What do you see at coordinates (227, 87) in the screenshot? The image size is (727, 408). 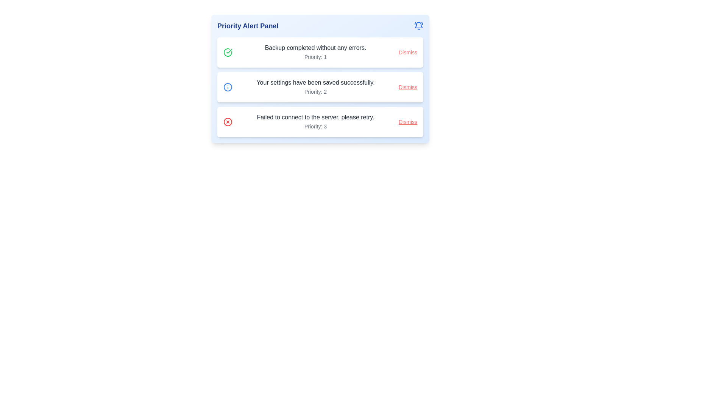 I see `the round icon with a blue border located in the second row of the priority alert panel, adjacent to the text 'Your settings have been saved successfully. Priority: 2'` at bounding box center [227, 87].